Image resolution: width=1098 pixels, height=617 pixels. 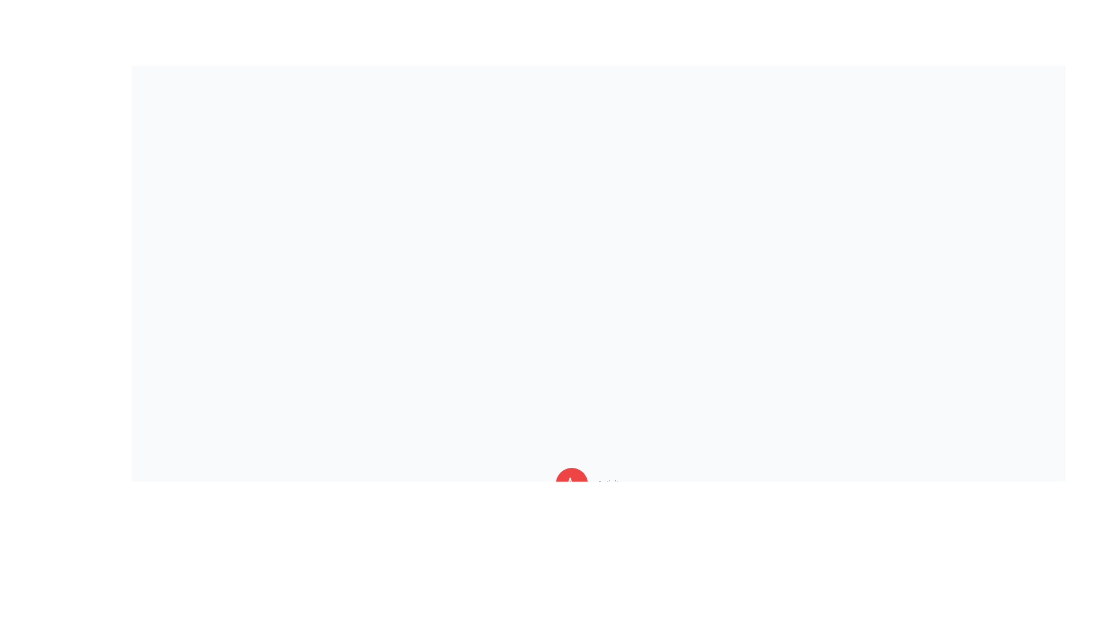 I want to click on the button corresponding to Camera to observe its tooltip or label, so click(x=572, y=566).